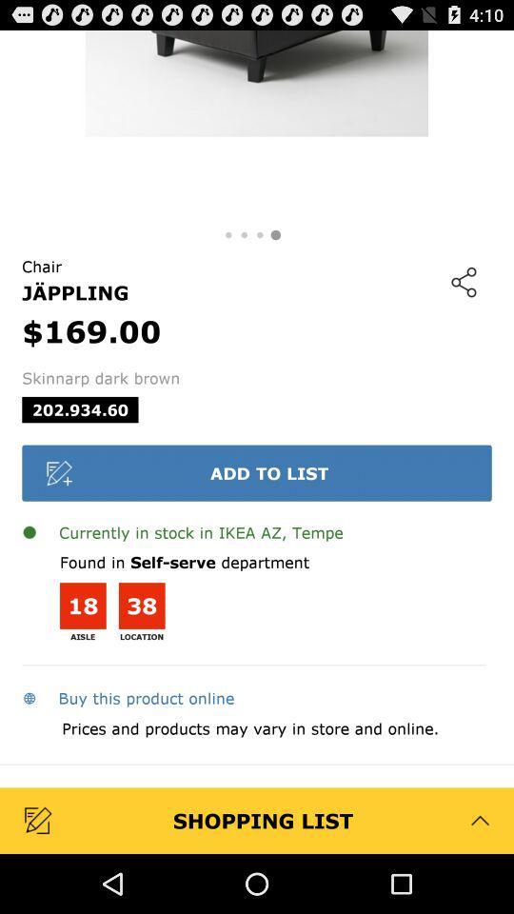 The image size is (514, 914). What do you see at coordinates (463, 281) in the screenshot?
I see `share item` at bounding box center [463, 281].